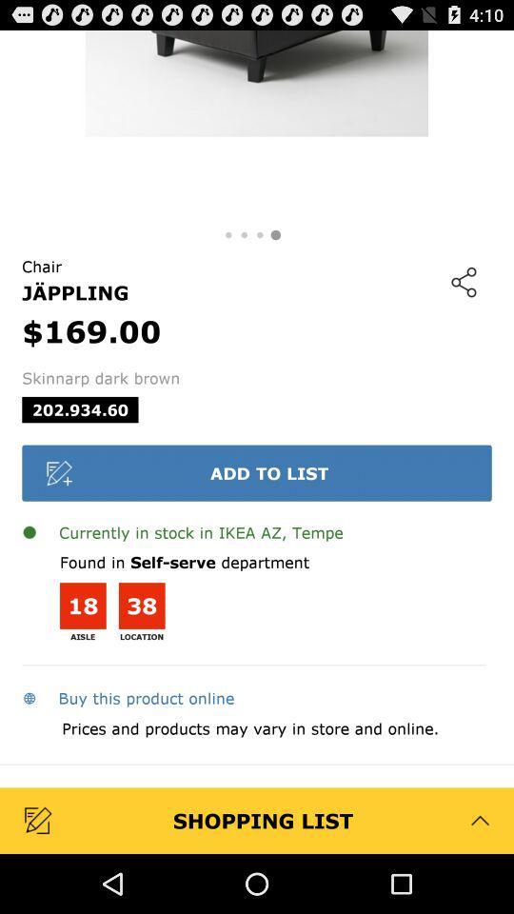 The image size is (514, 914). What do you see at coordinates (463, 281) in the screenshot?
I see `share item` at bounding box center [463, 281].